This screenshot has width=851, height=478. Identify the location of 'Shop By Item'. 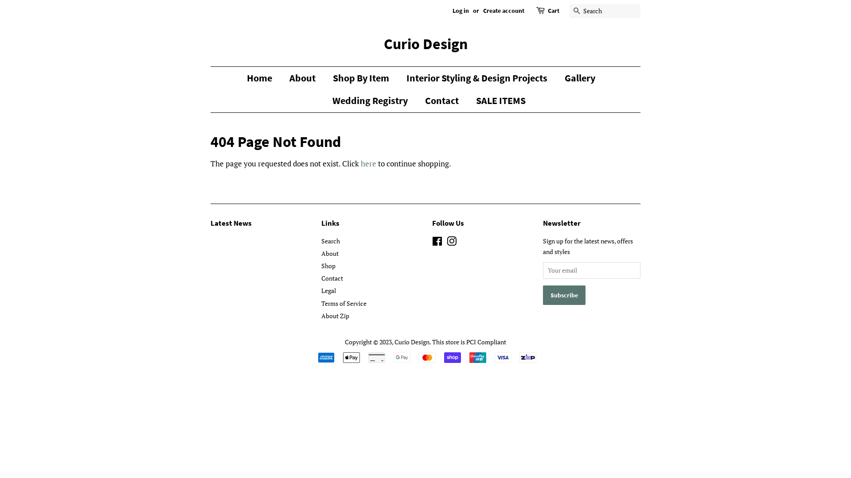
(362, 77).